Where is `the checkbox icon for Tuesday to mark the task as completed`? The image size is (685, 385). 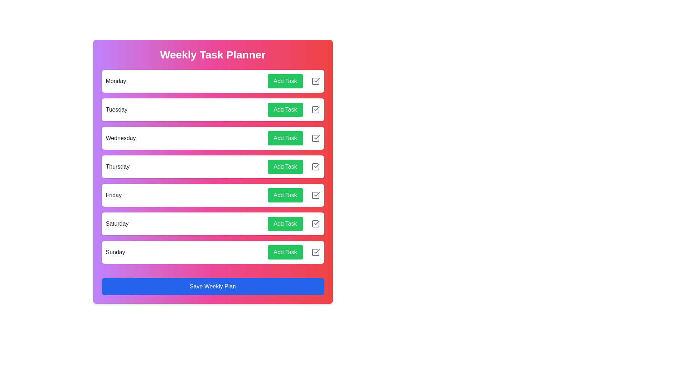
the checkbox icon for Tuesday to mark the task as completed is located at coordinates (315, 110).